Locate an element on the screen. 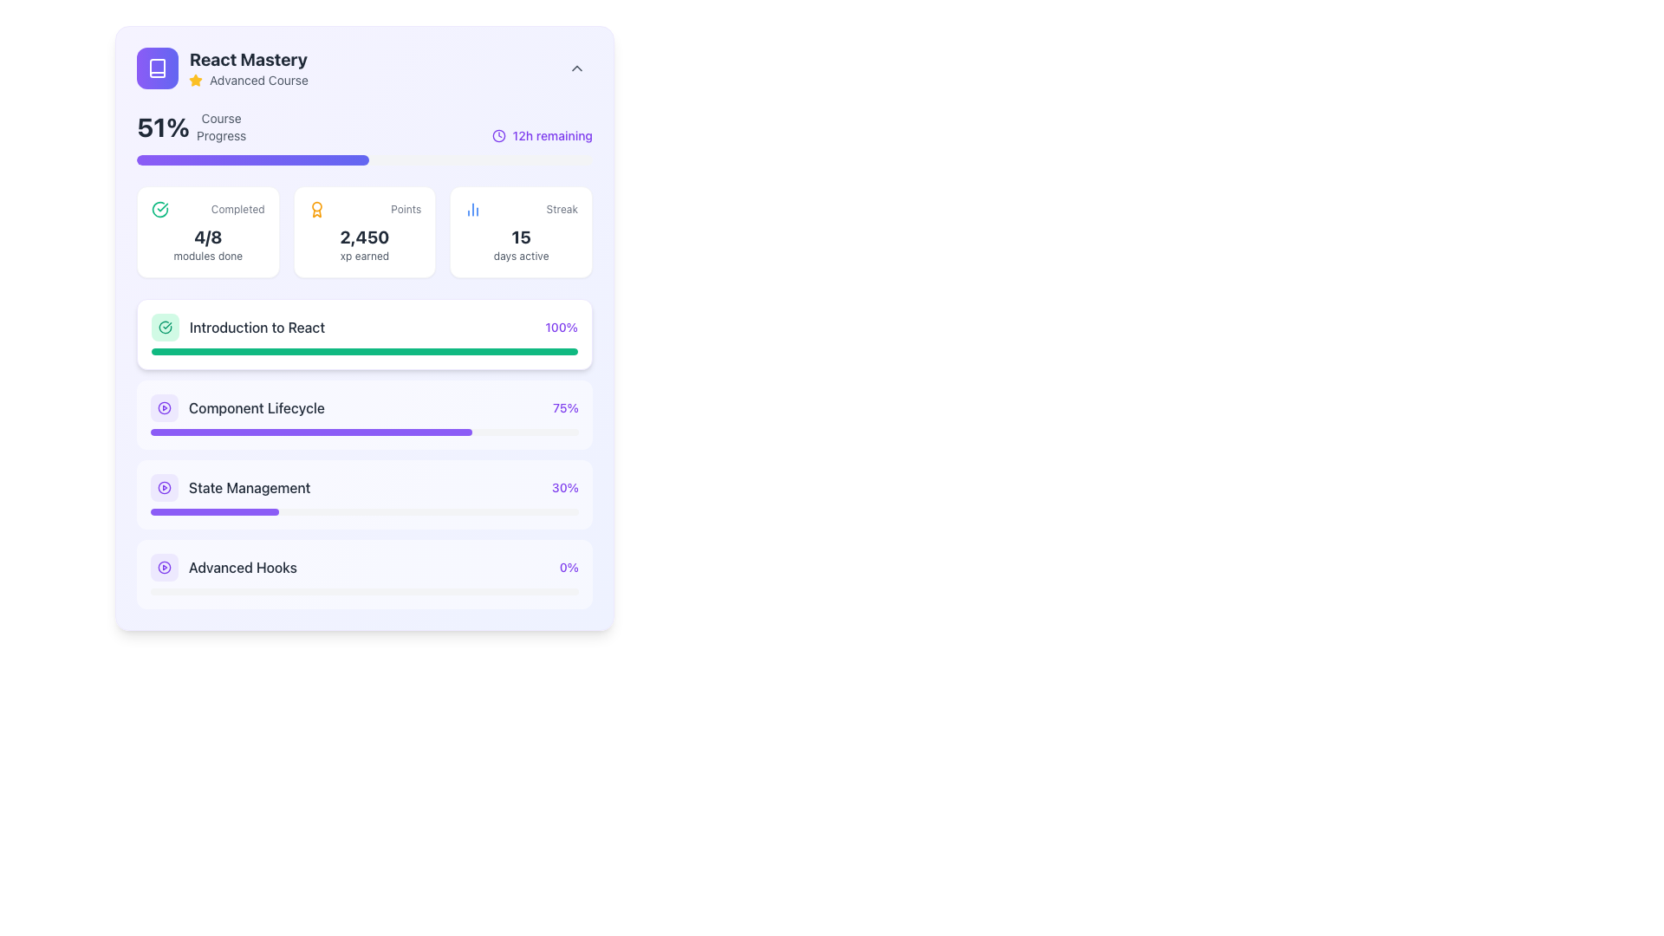 Image resolution: width=1664 pixels, height=936 pixels. the text element that serves as a title and descriptor for the course, located in the top-left section of the card layout, below the book icon is located at coordinates (248, 67).